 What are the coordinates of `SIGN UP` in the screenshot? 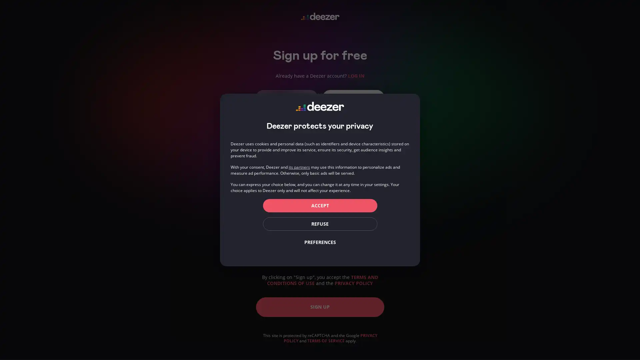 It's located at (319, 307).